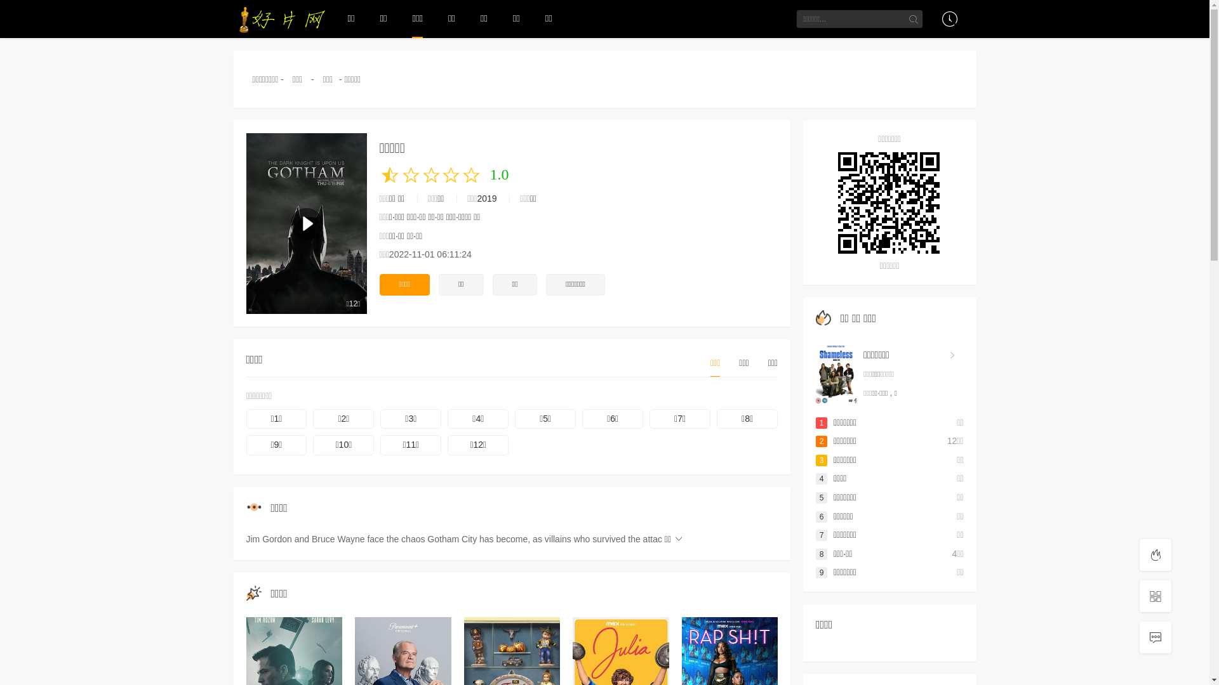  Describe the element at coordinates (486, 198) in the screenshot. I see `'2019'` at that location.